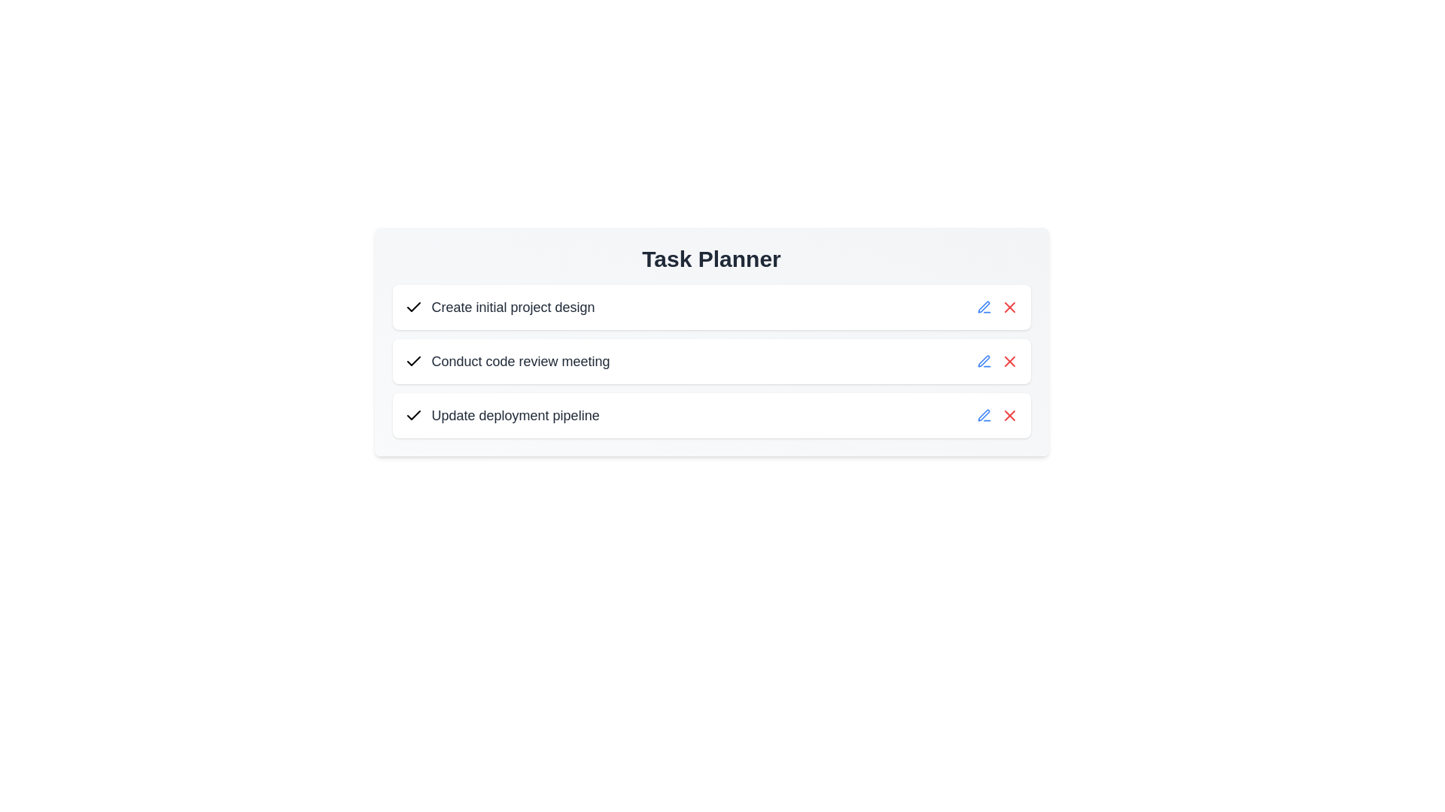  Describe the element at coordinates (507, 362) in the screenshot. I see `the second task list item labeled 'Conduct code review meeting' with a checkbox` at that location.